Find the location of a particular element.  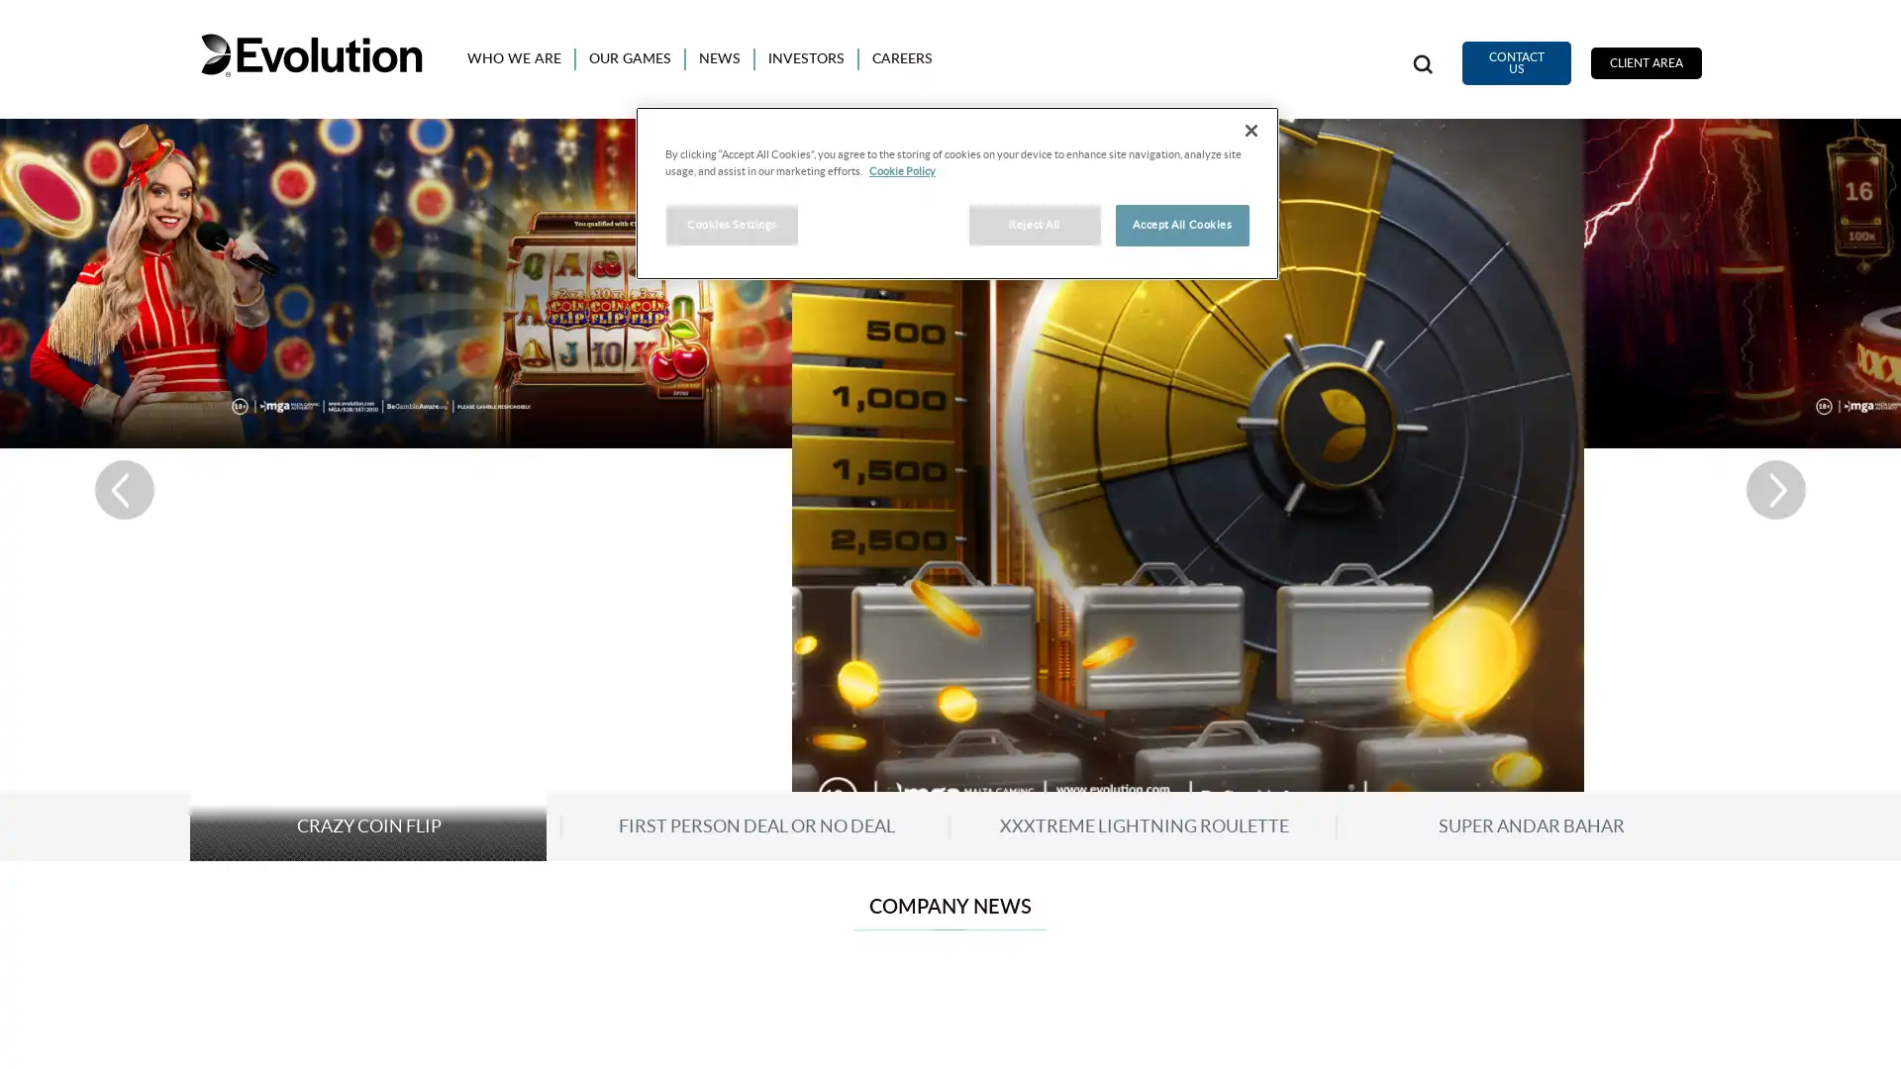

Close is located at coordinates (1250, 130).